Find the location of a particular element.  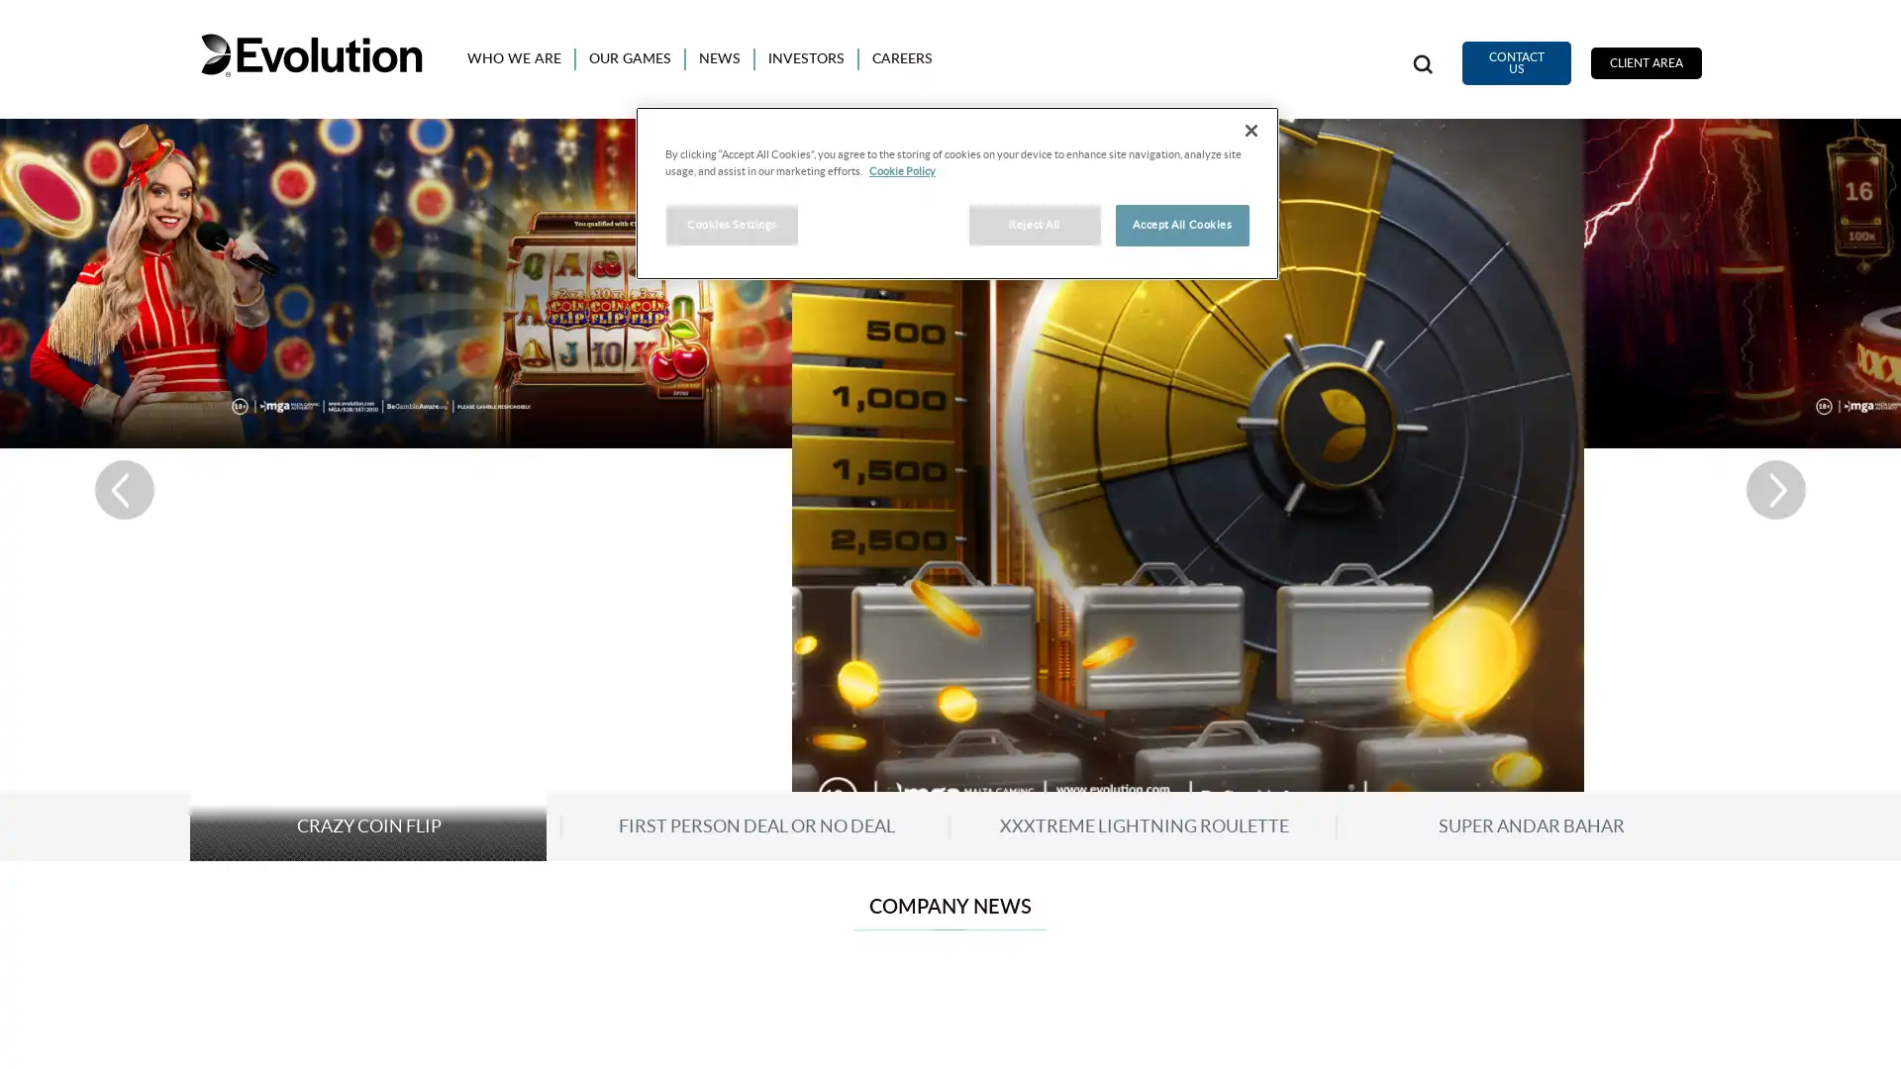

Close is located at coordinates (1250, 130).